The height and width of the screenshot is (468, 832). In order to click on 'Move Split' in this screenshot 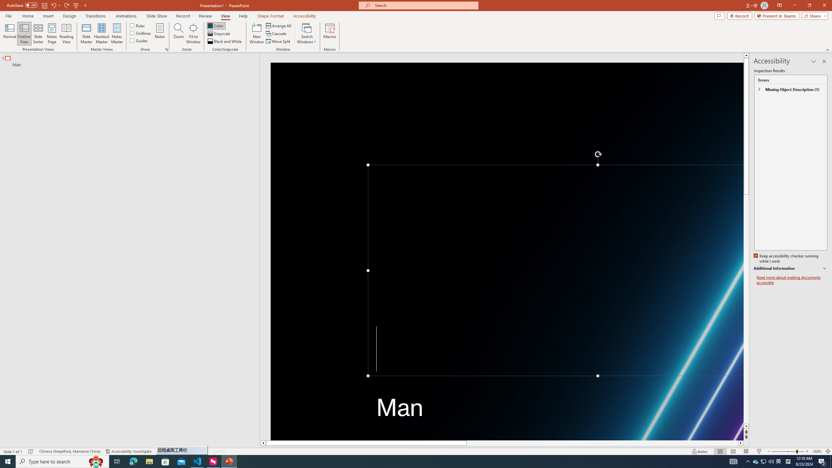, I will do `click(278, 41)`.